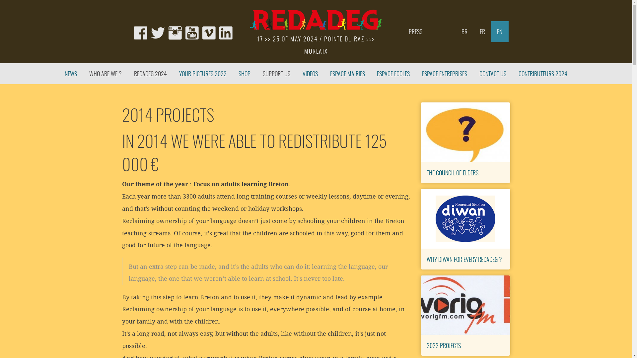  Describe the element at coordinates (393, 74) in the screenshot. I see `'ESPACE ECOLES'` at that location.